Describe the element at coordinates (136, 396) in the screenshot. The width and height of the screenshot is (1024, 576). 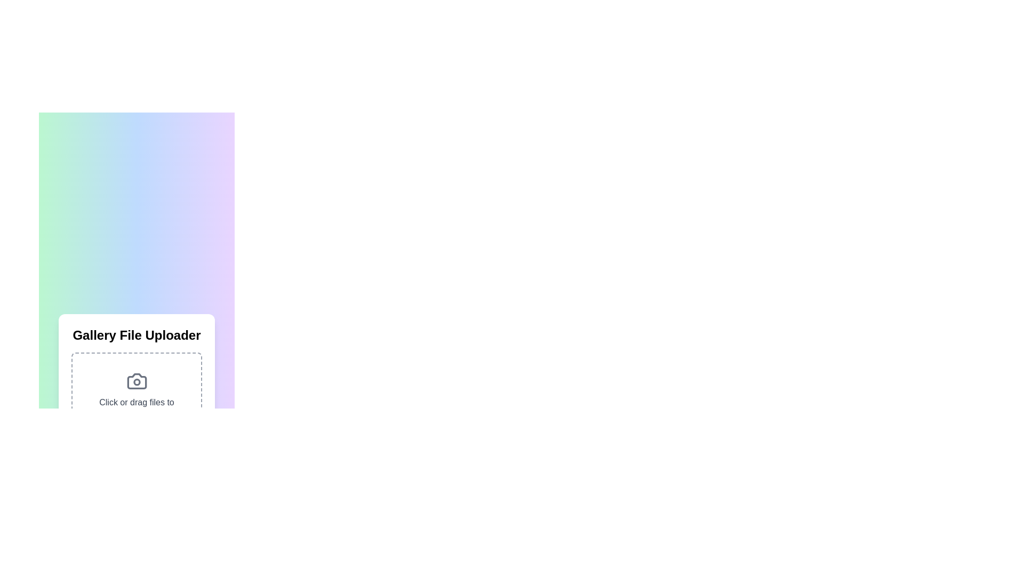
I see `the Interactive file upload dropzone, which is a rectangular area with a dashed border and light gray background, containing a camera icon and the text 'Click or drag files to upload'` at that location.